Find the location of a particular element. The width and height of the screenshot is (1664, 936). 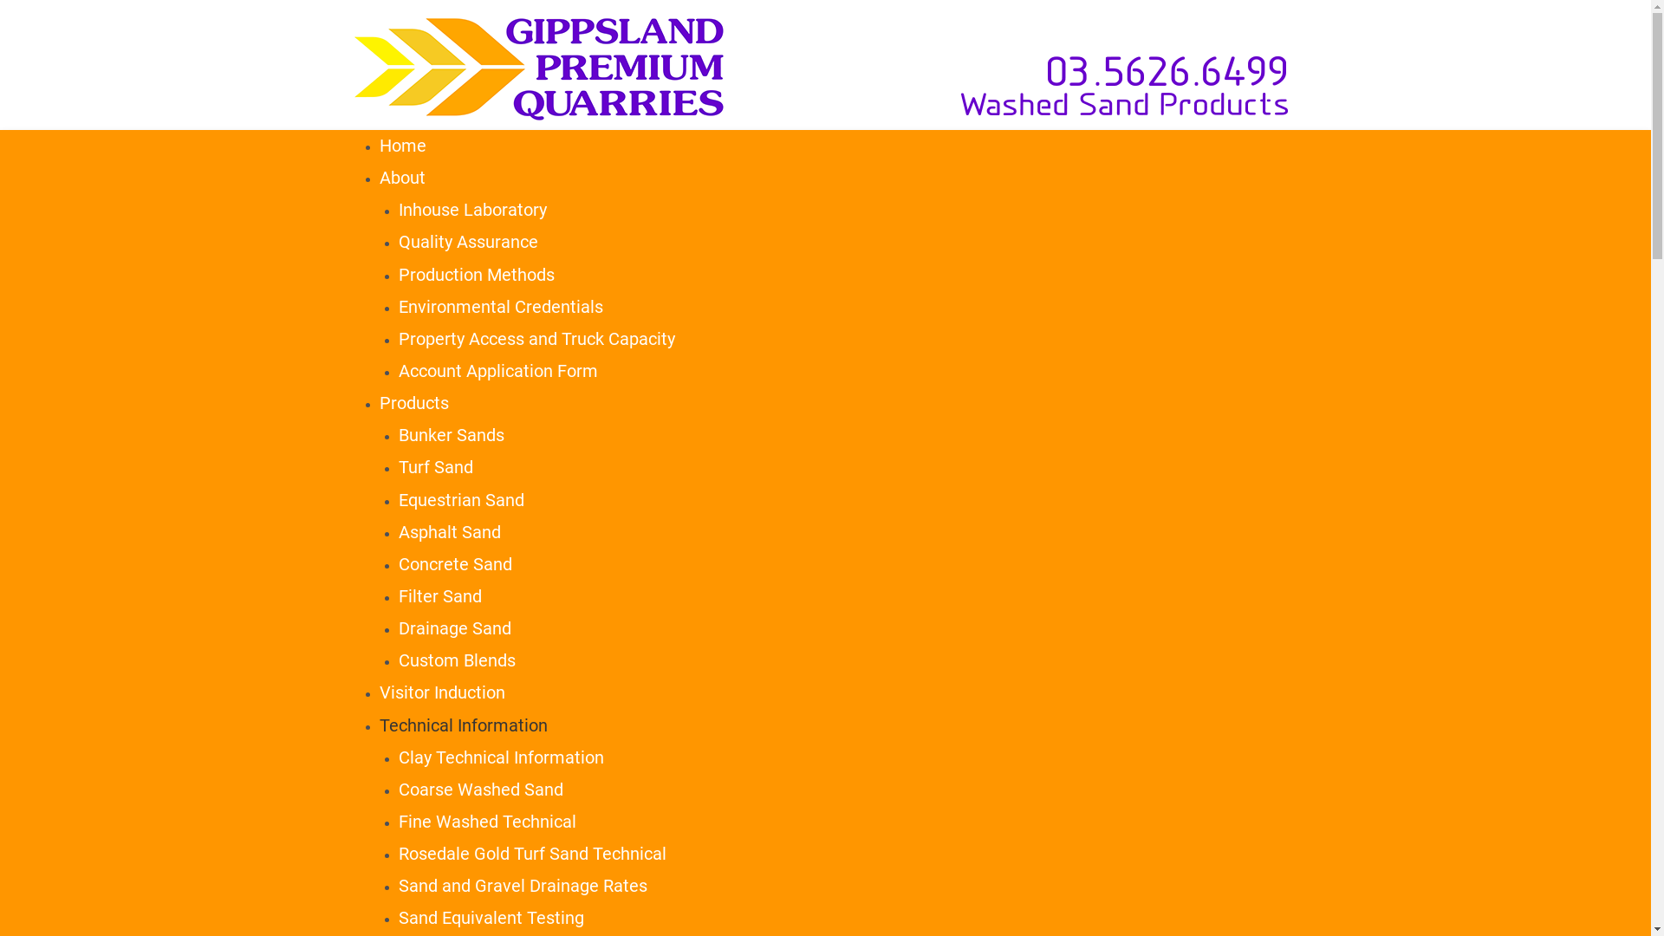

'Bunker Sands' is located at coordinates (452, 433).